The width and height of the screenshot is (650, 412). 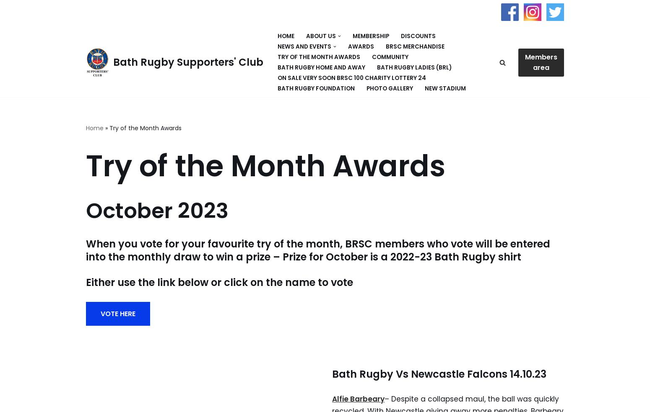 I want to click on 'Newsletter Specials', so click(x=295, y=98).